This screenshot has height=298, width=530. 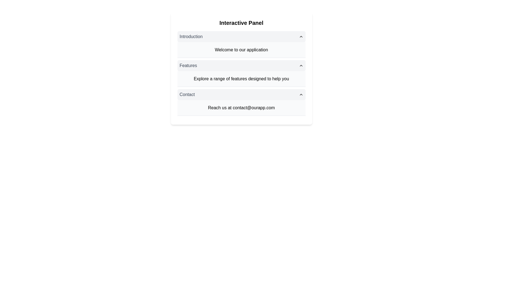 I want to click on the 'Features' heading, so click(x=188, y=65).